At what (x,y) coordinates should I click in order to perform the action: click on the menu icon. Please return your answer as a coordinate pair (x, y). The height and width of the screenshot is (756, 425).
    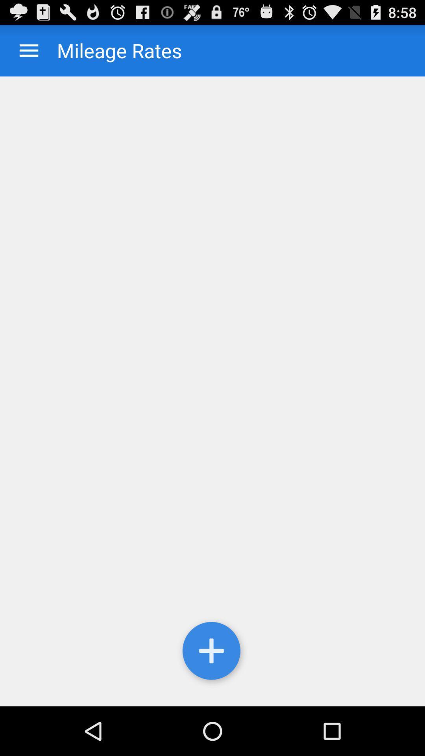
    Looking at the image, I should click on (28, 54).